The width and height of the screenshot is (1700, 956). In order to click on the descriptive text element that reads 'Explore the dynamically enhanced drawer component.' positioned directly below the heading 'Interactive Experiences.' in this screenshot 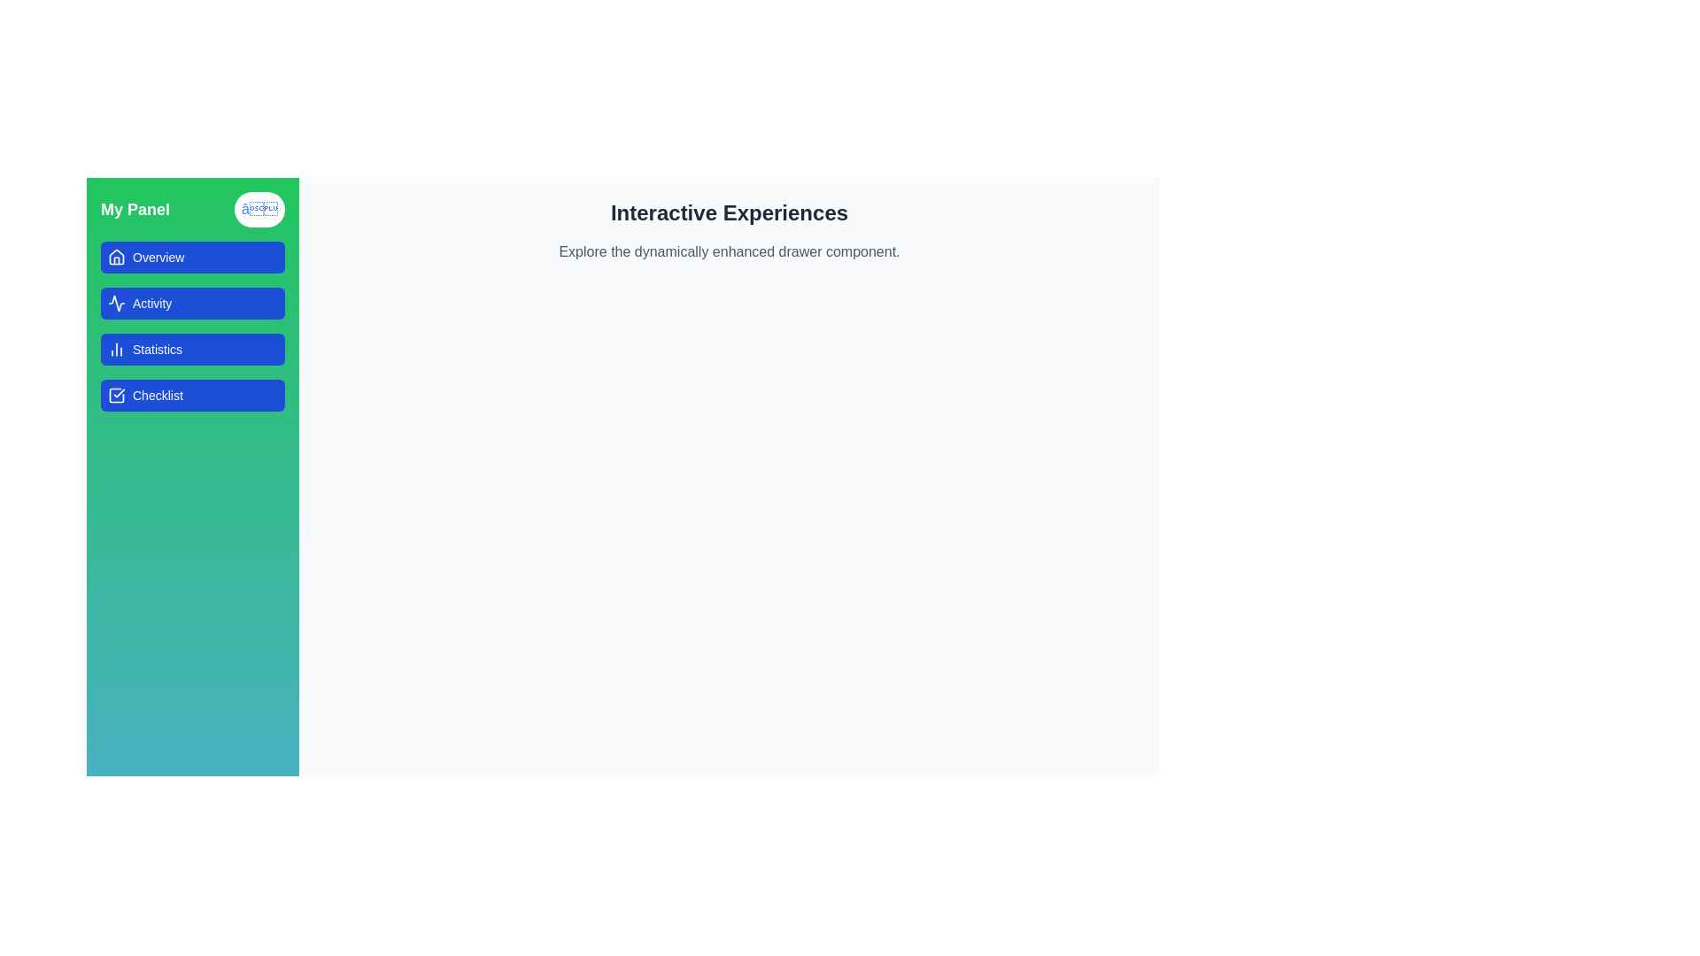, I will do `click(730, 252)`.